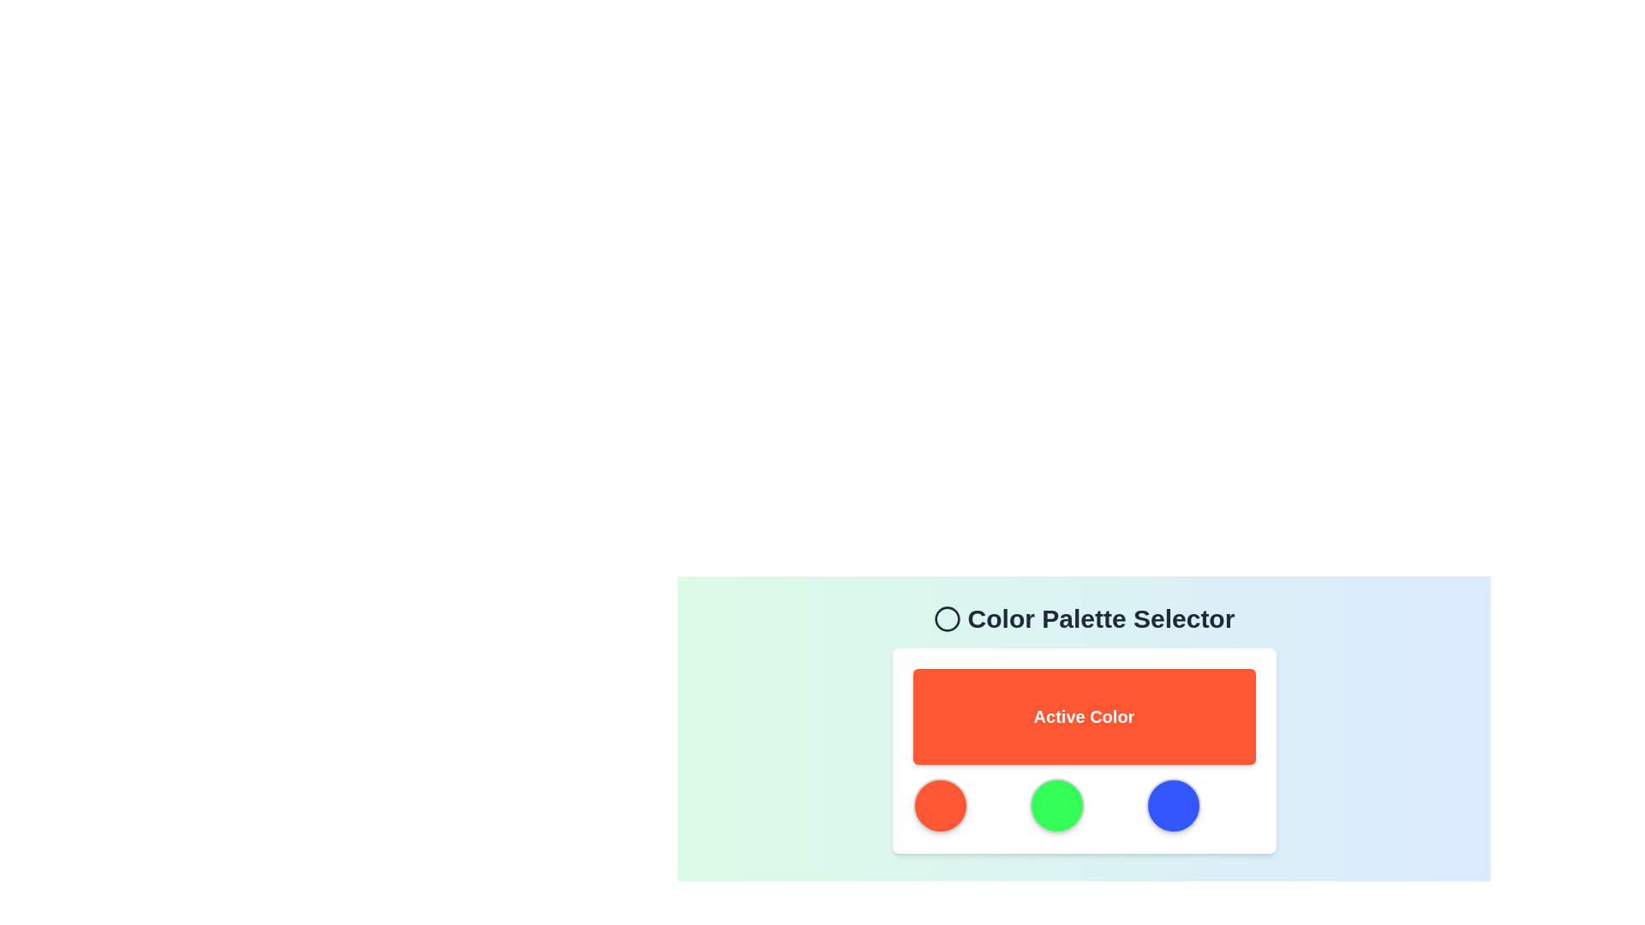 This screenshot has width=1645, height=925. I want to click on the red color selection button located on the bottom-left of three horizontally aligned buttons, so click(939, 806).